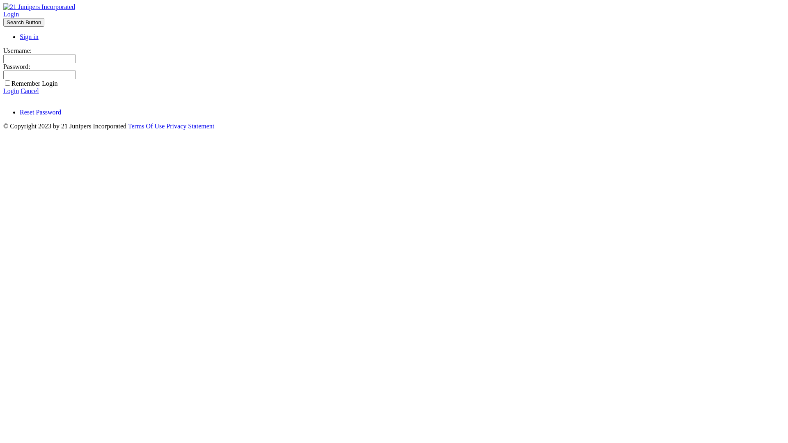 Image resolution: width=788 pixels, height=443 pixels. What do you see at coordinates (39, 7) in the screenshot?
I see `'21 Junipers Incorporated'` at bounding box center [39, 7].